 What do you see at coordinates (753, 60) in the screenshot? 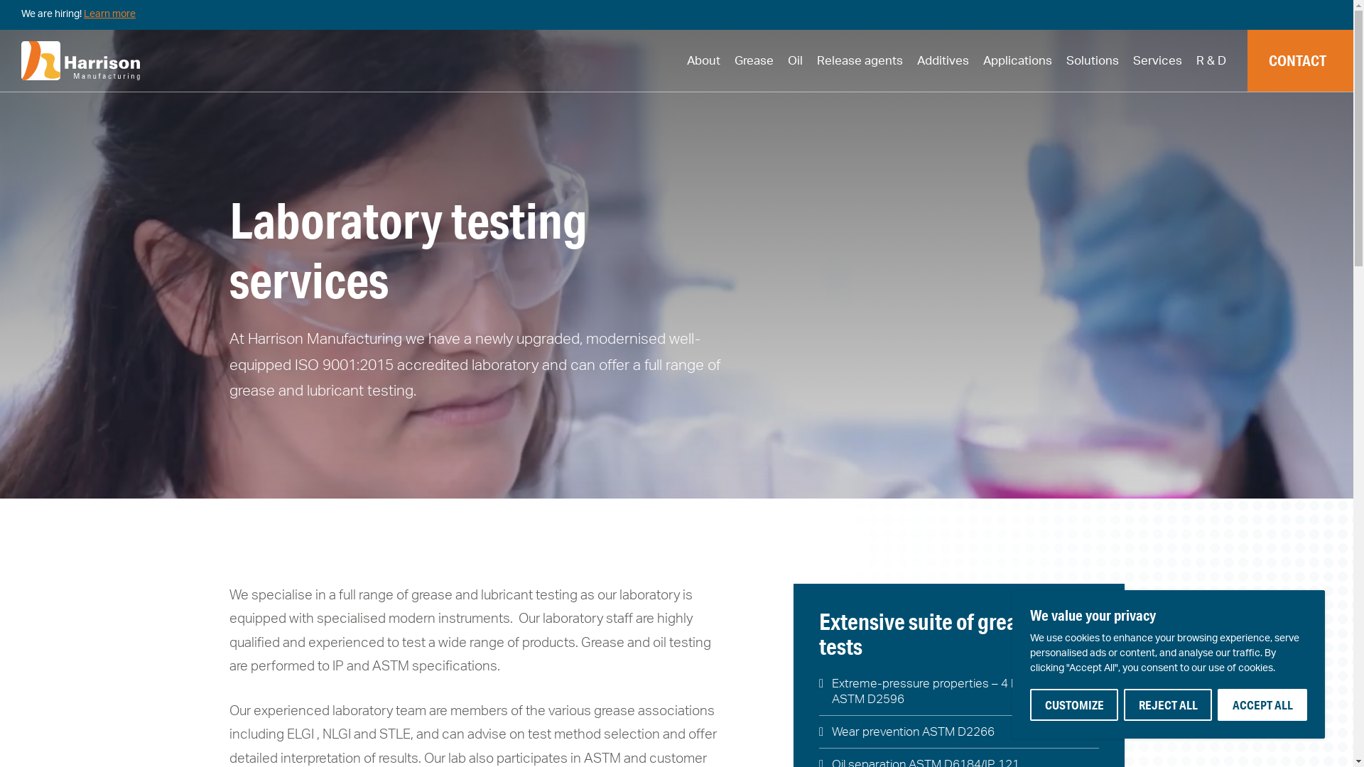
I see `'Grease'` at bounding box center [753, 60].